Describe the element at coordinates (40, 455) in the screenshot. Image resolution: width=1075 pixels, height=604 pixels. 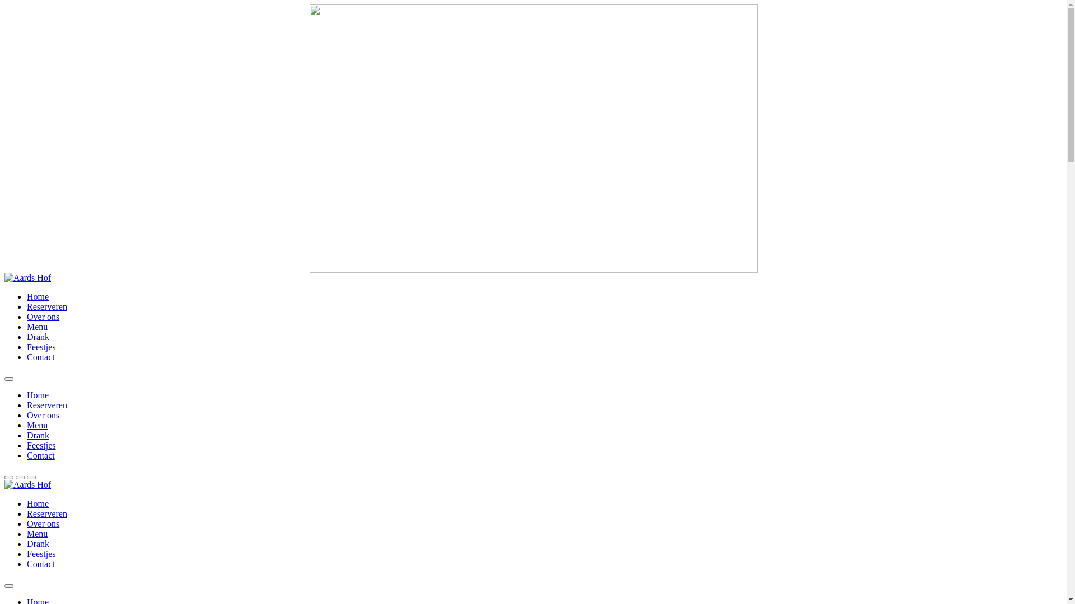
I see `'Contact'` at that location.